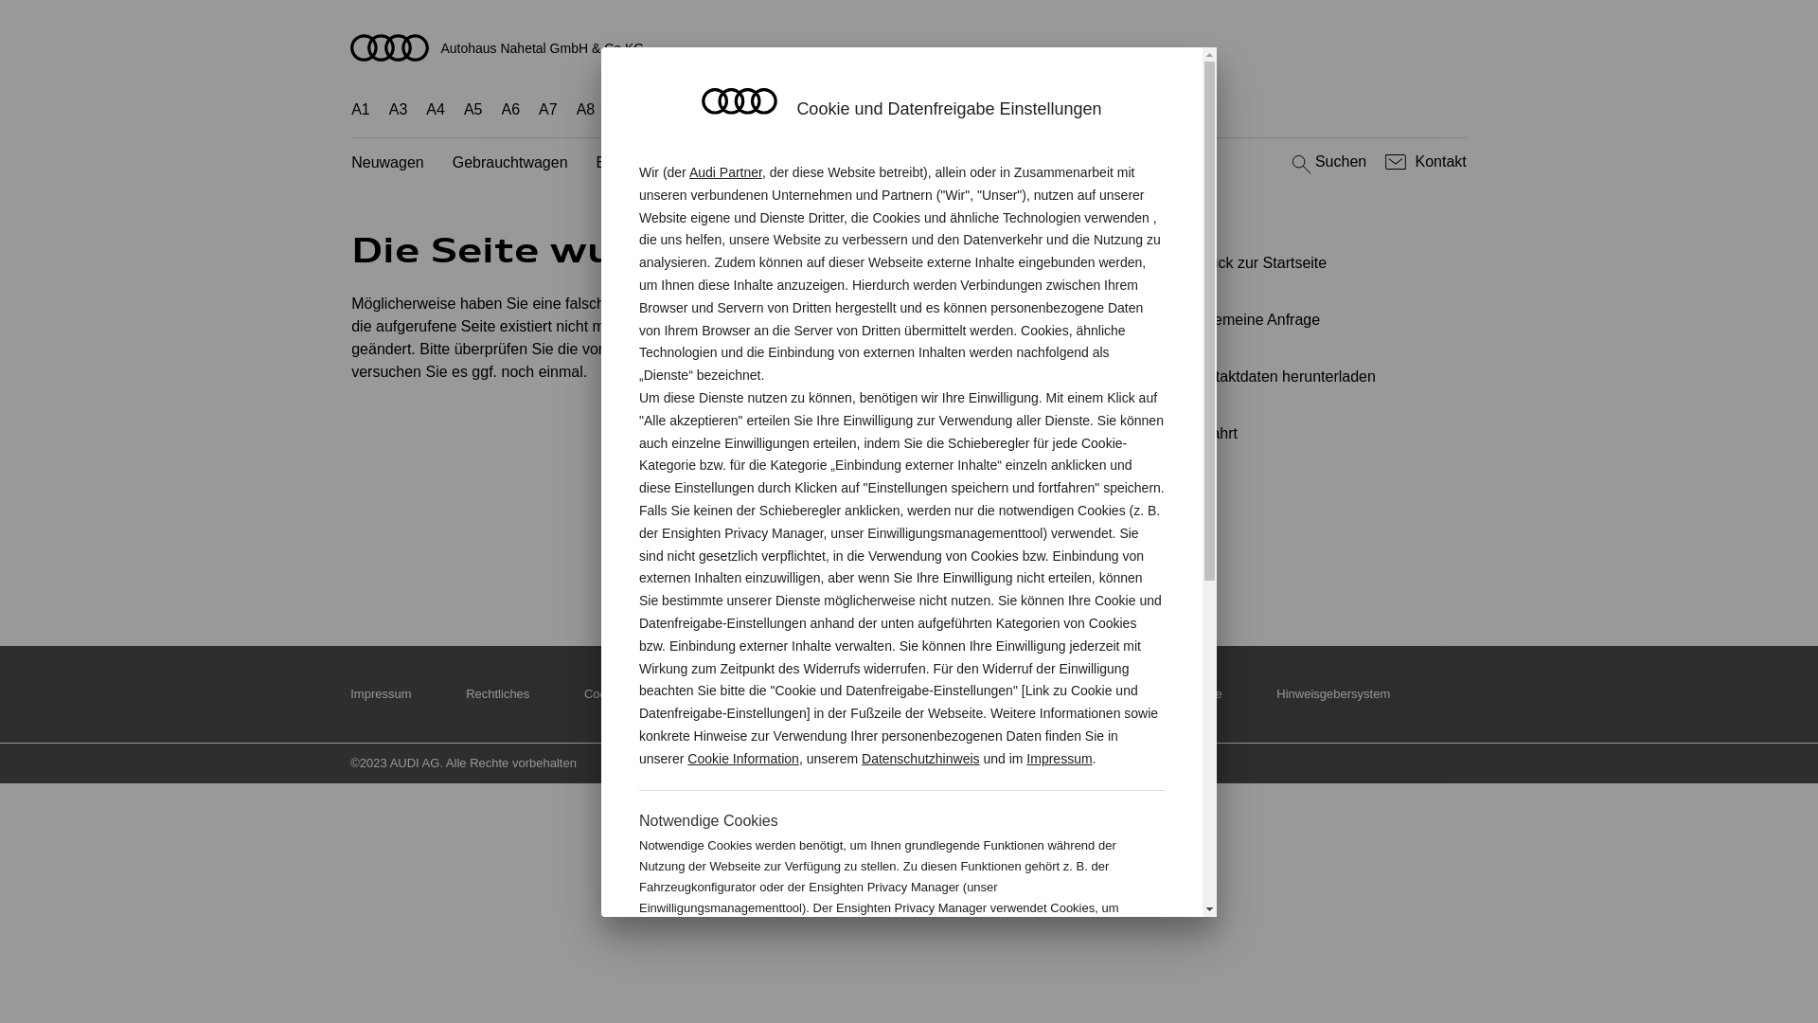 This screenshot has width=1818, height=1023. Describe the element at coordinates (1423, 161) in the screenshot. I see `'Kontakt'` at that location.